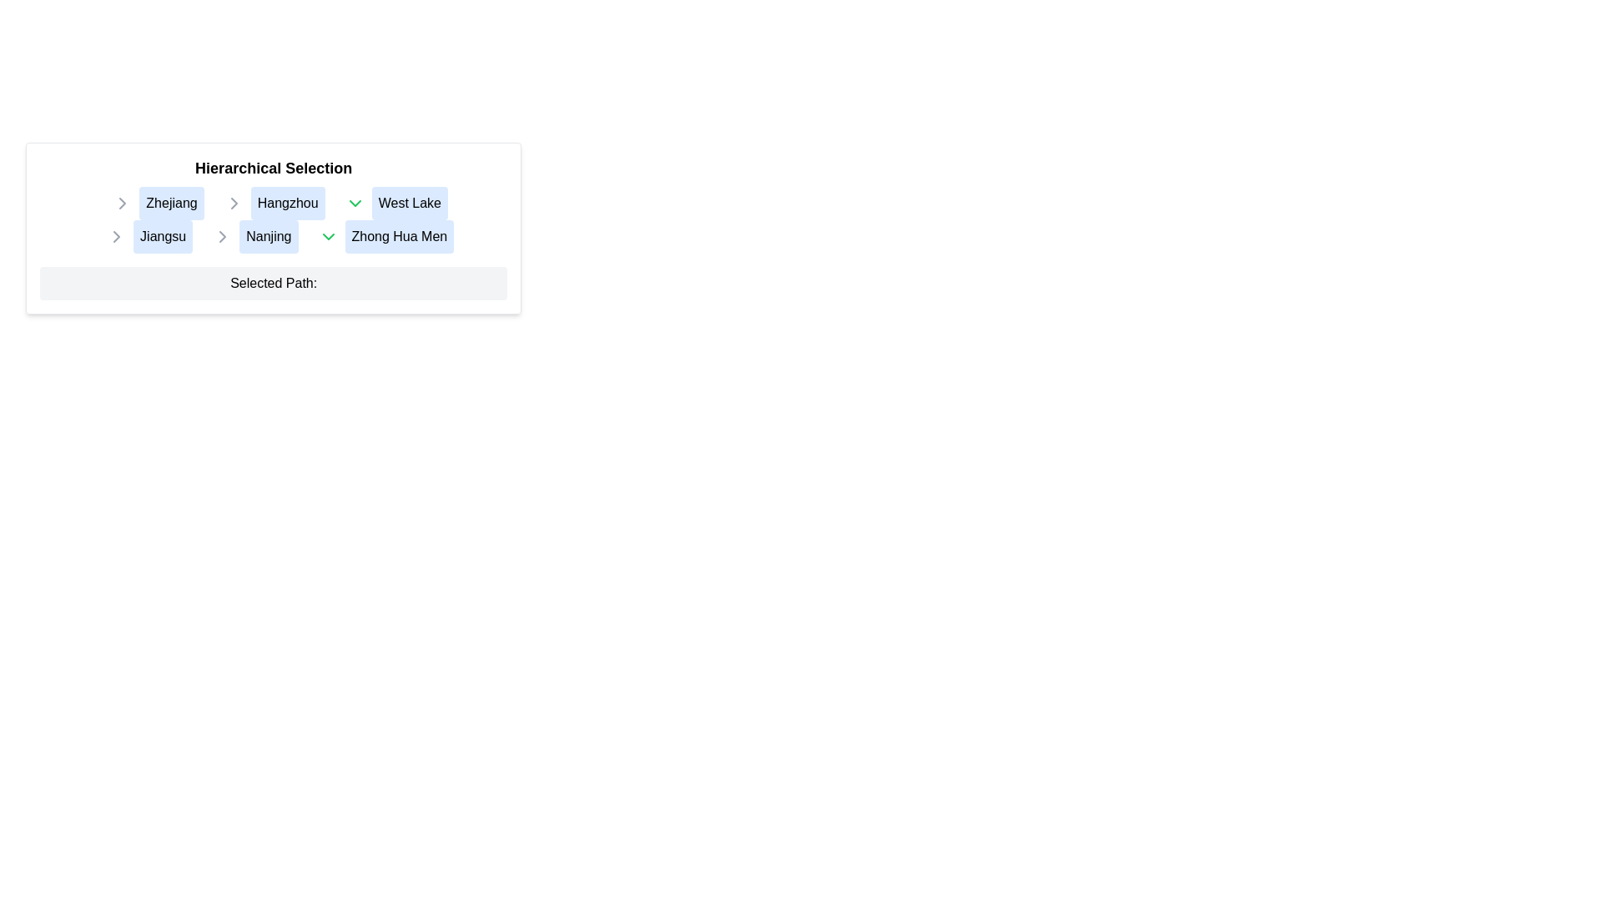 The width and height of the screenshot is (1602, 901). What do you see at coordinates (116, 237) in the screenshot?
I see `the chevron-right icon located to the left of the 'Jiangsu' text label in the breadcrumb section for hierarchical navigation` at bounding box center [116, 237].